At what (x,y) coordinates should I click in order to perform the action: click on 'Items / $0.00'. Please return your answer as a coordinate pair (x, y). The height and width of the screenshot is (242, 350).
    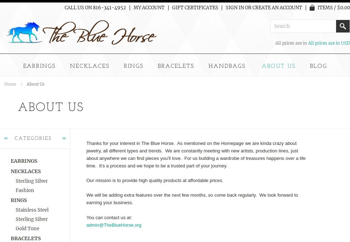
    Looking at the image, I should click on (334, 7).